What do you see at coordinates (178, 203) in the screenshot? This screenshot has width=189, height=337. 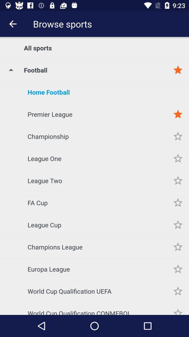 I see `option` at bounding box center [178, 203].